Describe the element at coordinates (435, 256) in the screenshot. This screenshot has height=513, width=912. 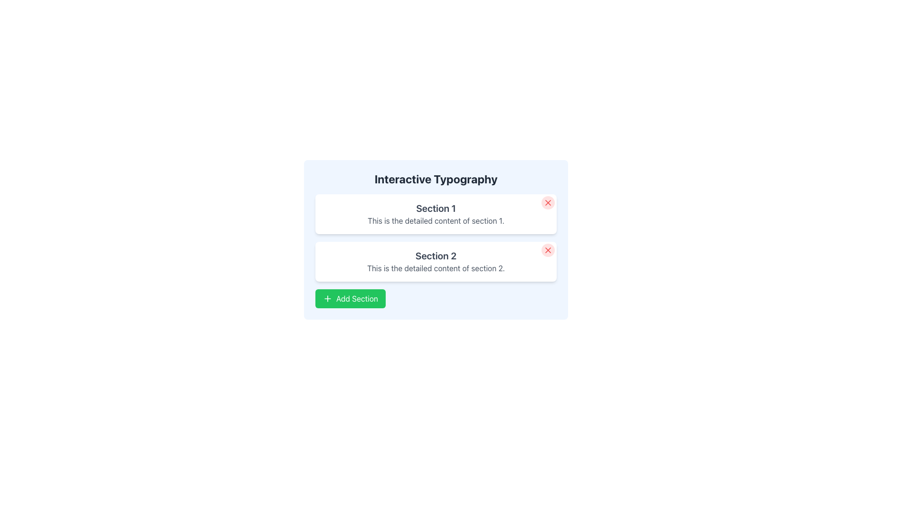
I see `header text for Section 2, which is positioned at the top of the box representing Section 2, above the detailed content description and to the left of the close button` at that location.